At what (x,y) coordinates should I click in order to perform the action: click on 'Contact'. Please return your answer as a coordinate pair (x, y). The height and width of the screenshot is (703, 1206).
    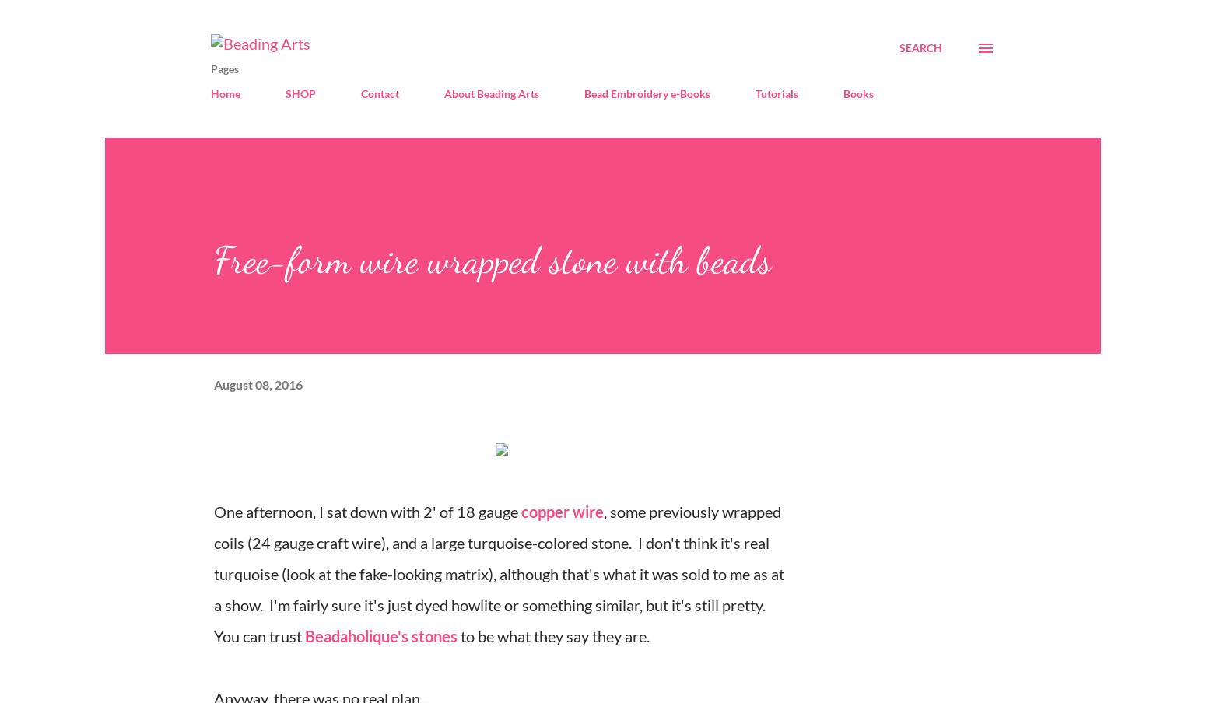
    Looking at the image, I should click on (379, 93).